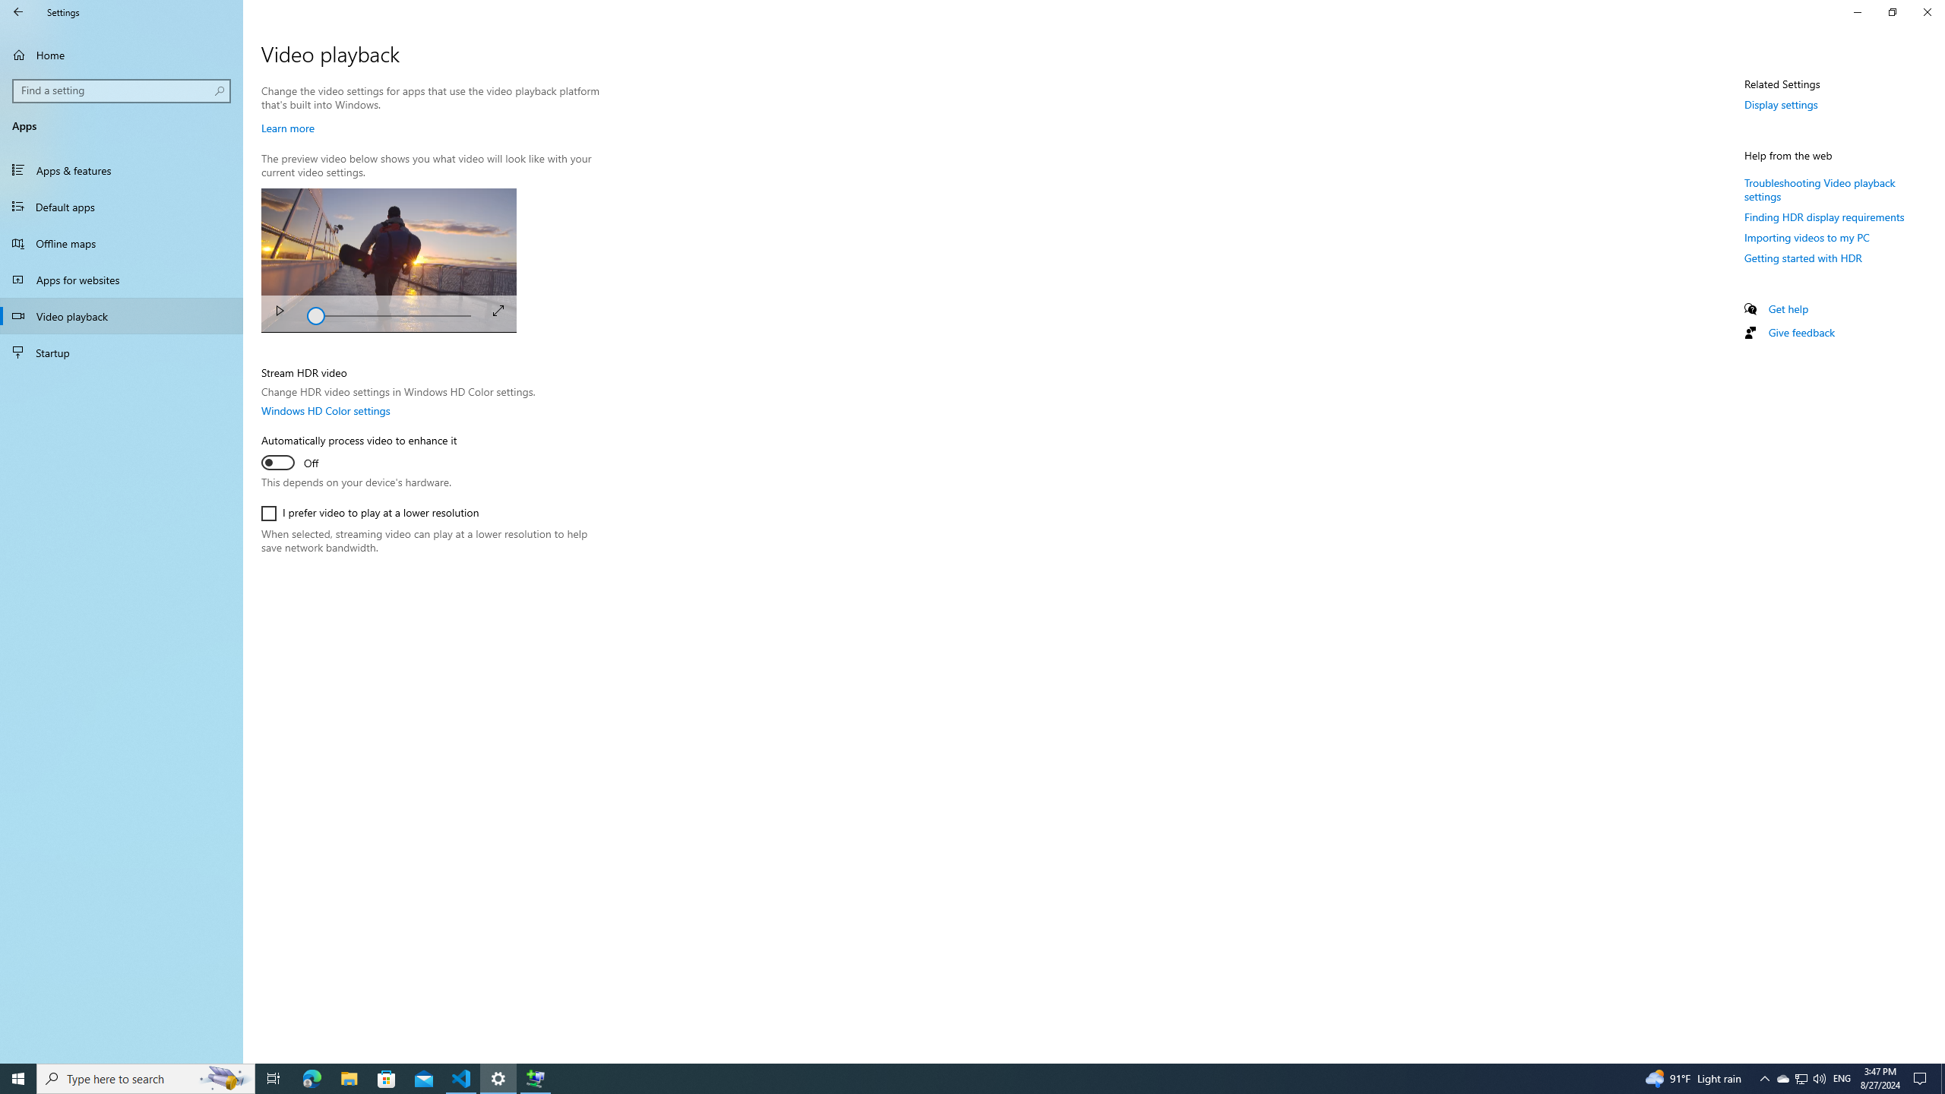 The width and height of the screenshot is (1945, 1094). I want to click on 'Apps for websites', so click(121, 279).